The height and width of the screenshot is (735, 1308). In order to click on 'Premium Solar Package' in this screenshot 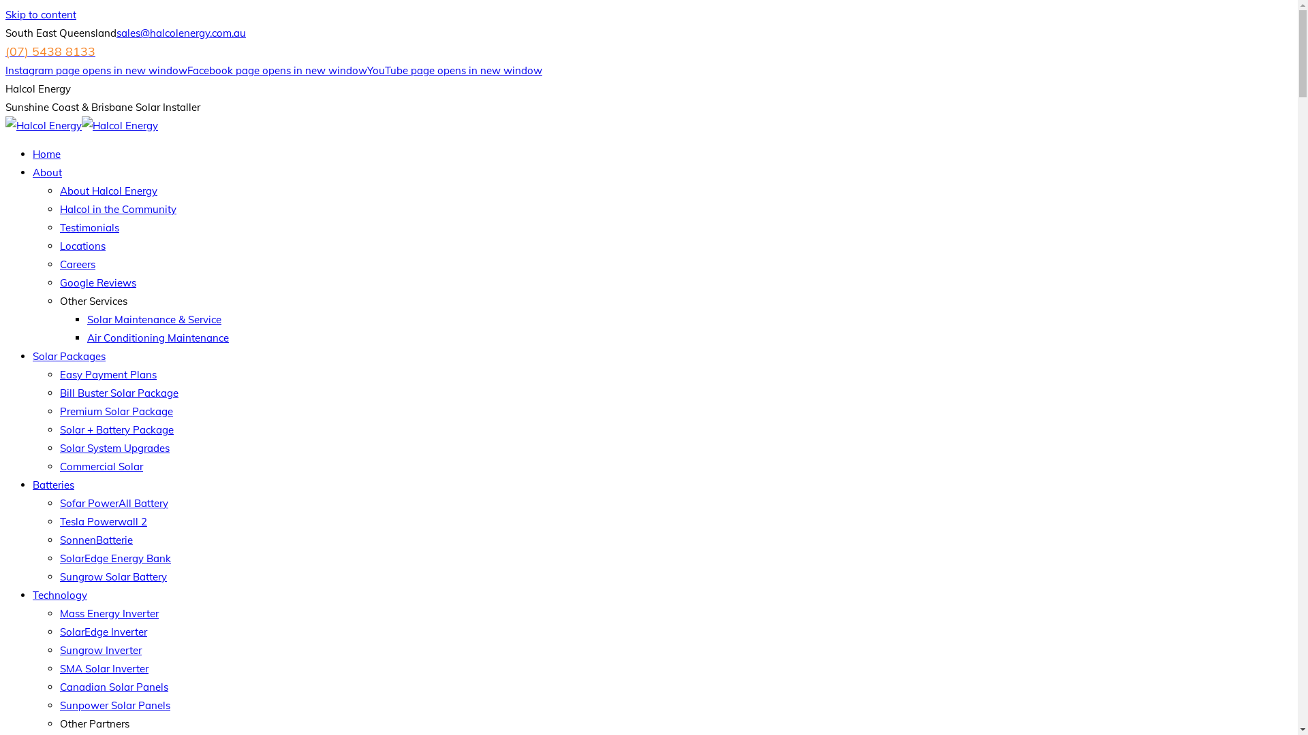, I will do `click(116, 410)`.